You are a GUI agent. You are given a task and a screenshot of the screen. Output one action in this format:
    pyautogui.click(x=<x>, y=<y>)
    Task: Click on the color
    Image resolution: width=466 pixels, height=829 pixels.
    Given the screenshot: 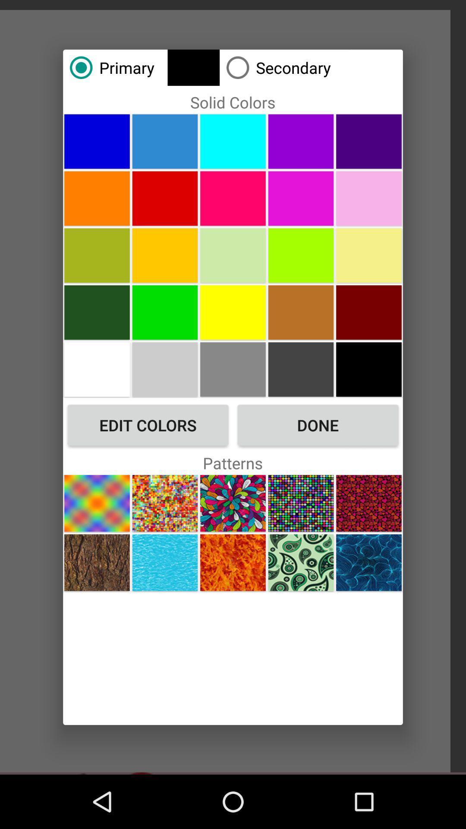 What is the action you would take?
    pyautogui.click(x=165, y=369)
    